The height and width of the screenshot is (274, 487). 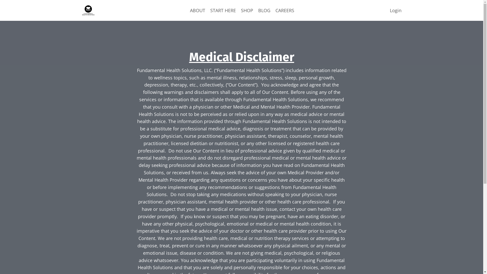 I want to click on 'Login', so click(x=389, y=10).